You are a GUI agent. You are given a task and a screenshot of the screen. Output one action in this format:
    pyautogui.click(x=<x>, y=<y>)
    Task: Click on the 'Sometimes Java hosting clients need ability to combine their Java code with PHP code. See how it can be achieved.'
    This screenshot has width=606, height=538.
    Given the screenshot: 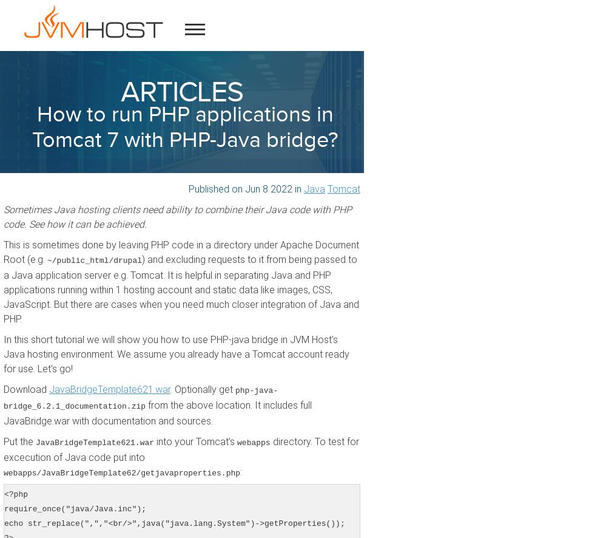 What is the action you would take?
    pyautogui.click(x=177, y=217)
    